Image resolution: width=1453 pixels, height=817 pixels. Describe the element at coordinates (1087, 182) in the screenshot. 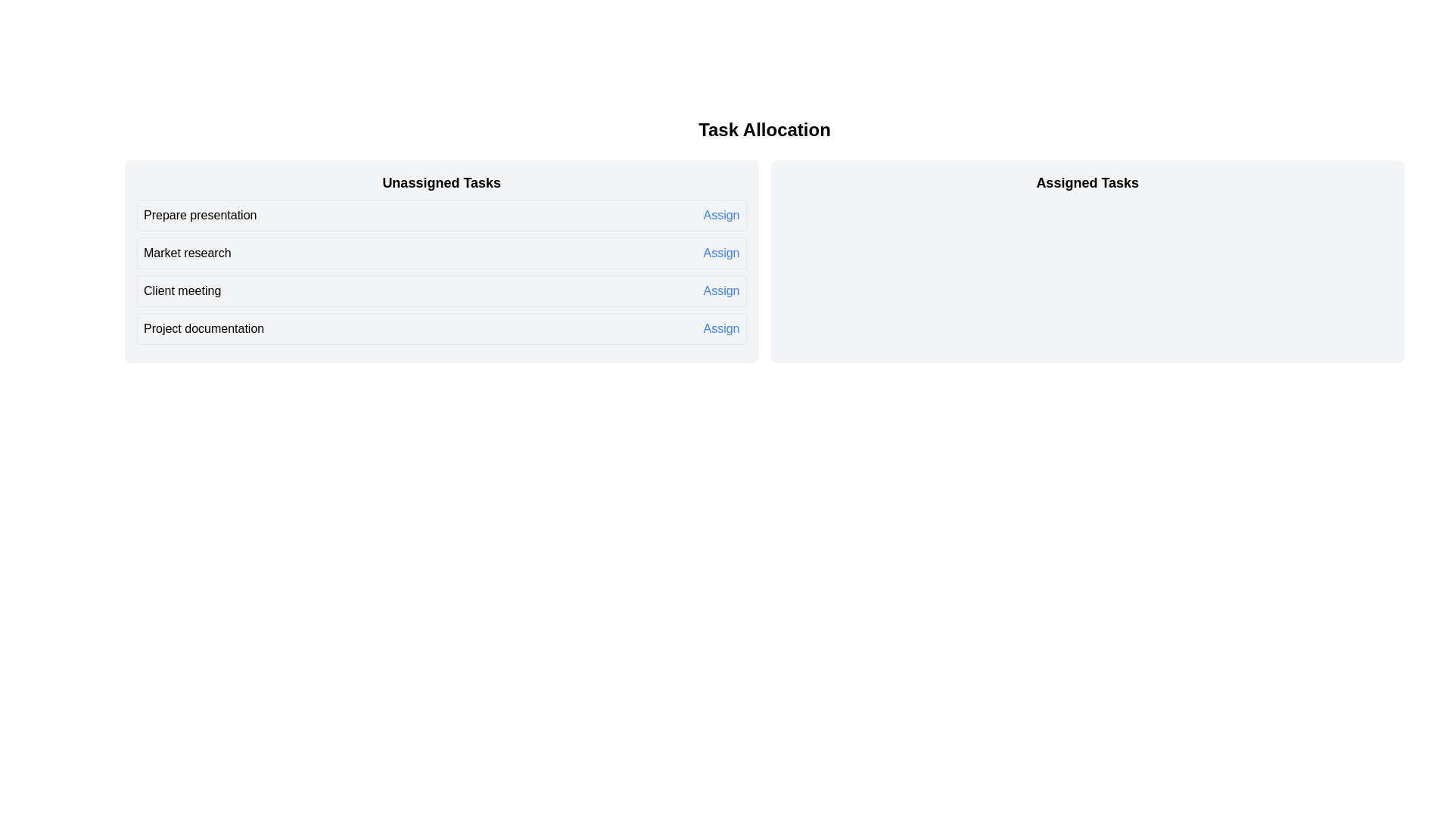

I see `the text-label component that serves as a section header with the text 'Assigned Tasks', prominently displayed at the top of the right-hand section of the interface` at that location.